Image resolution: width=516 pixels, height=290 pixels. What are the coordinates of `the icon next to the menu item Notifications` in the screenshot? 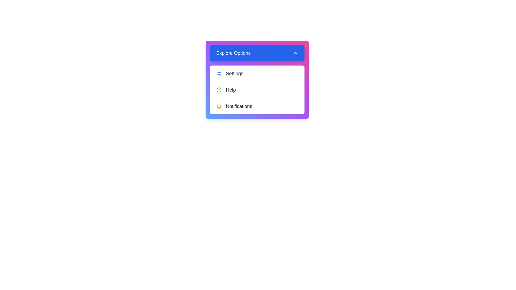 It's located at (219, 106).